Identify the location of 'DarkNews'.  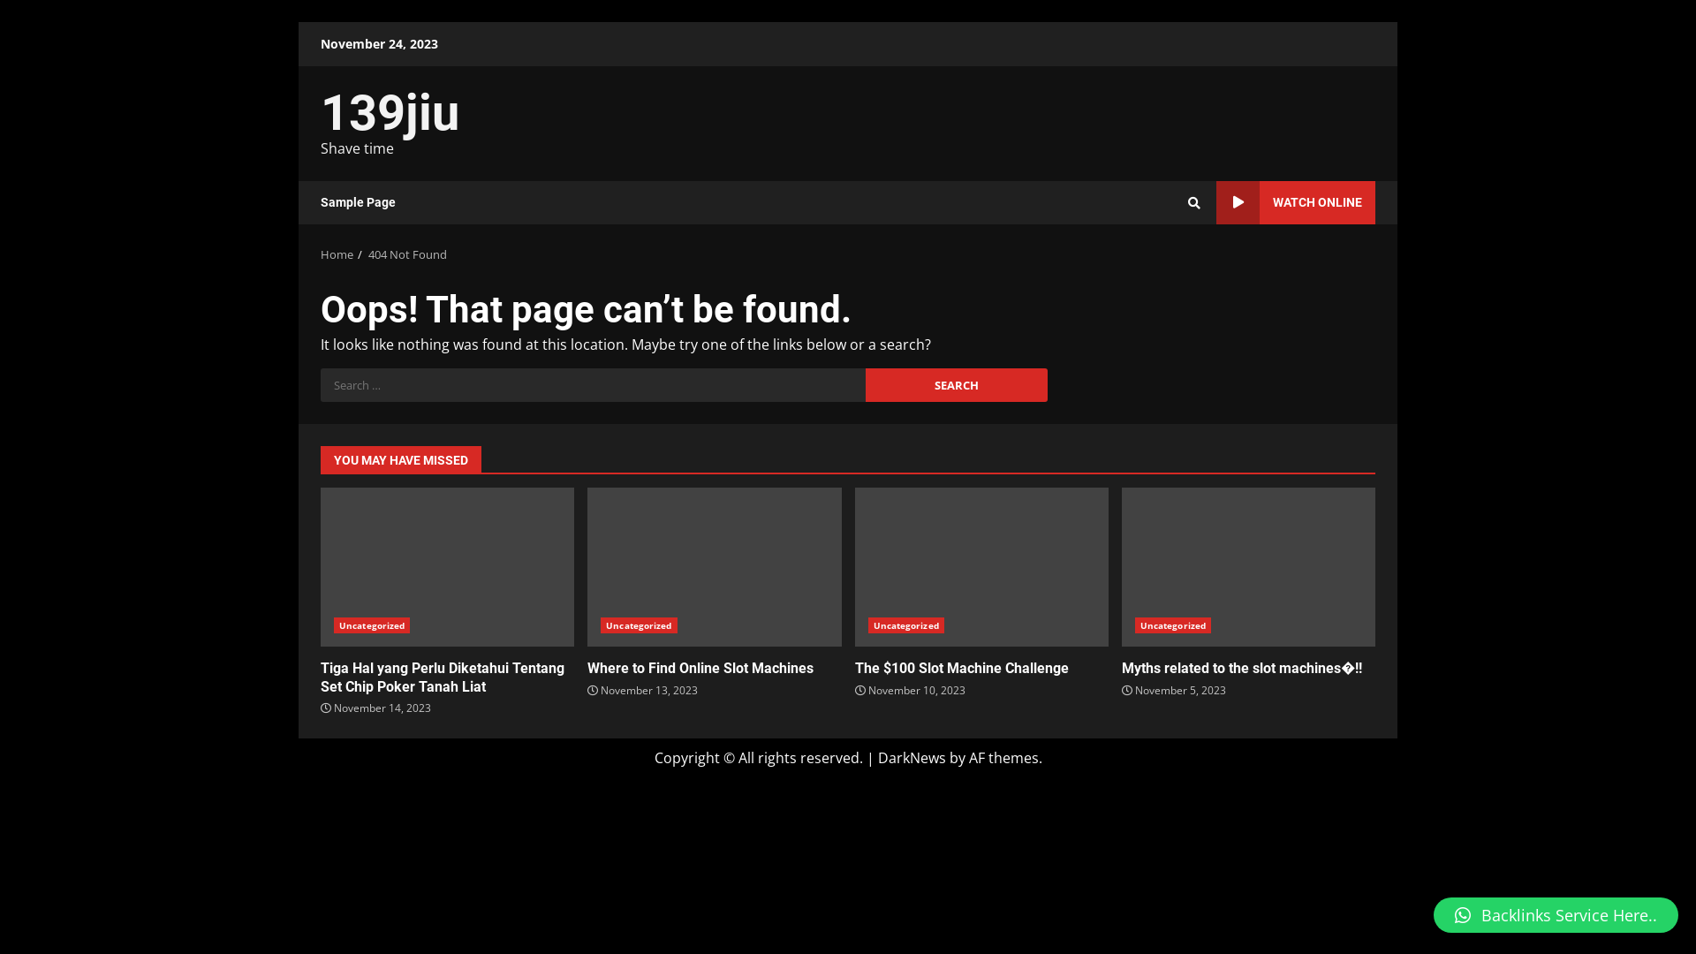
(912, 756).